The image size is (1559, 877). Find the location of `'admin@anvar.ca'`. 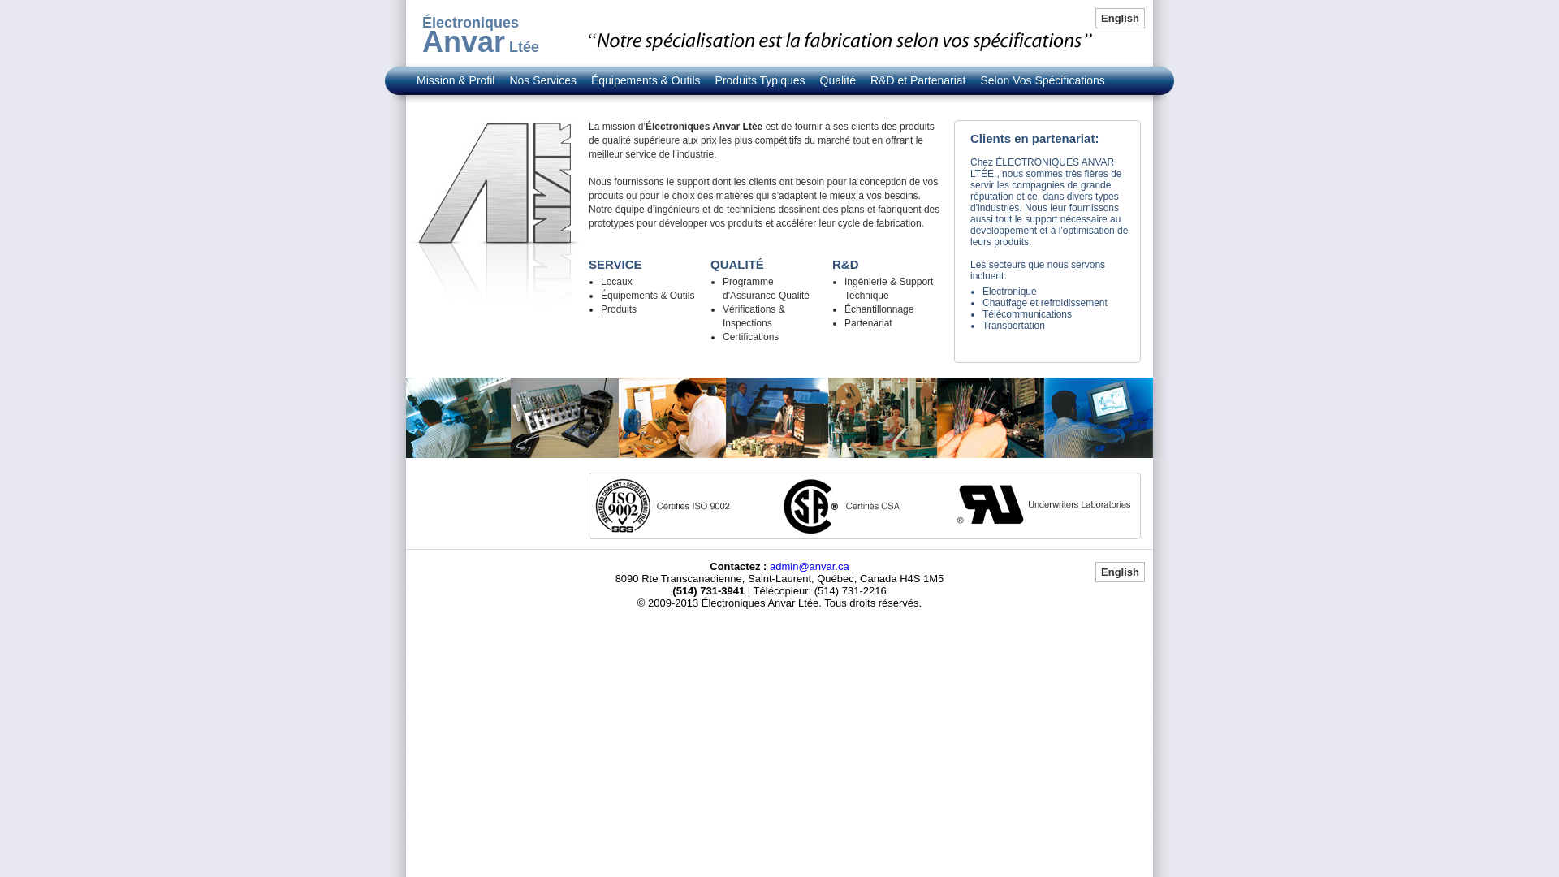

'admin@anvar.ca' is located at coordinates (810, 565).